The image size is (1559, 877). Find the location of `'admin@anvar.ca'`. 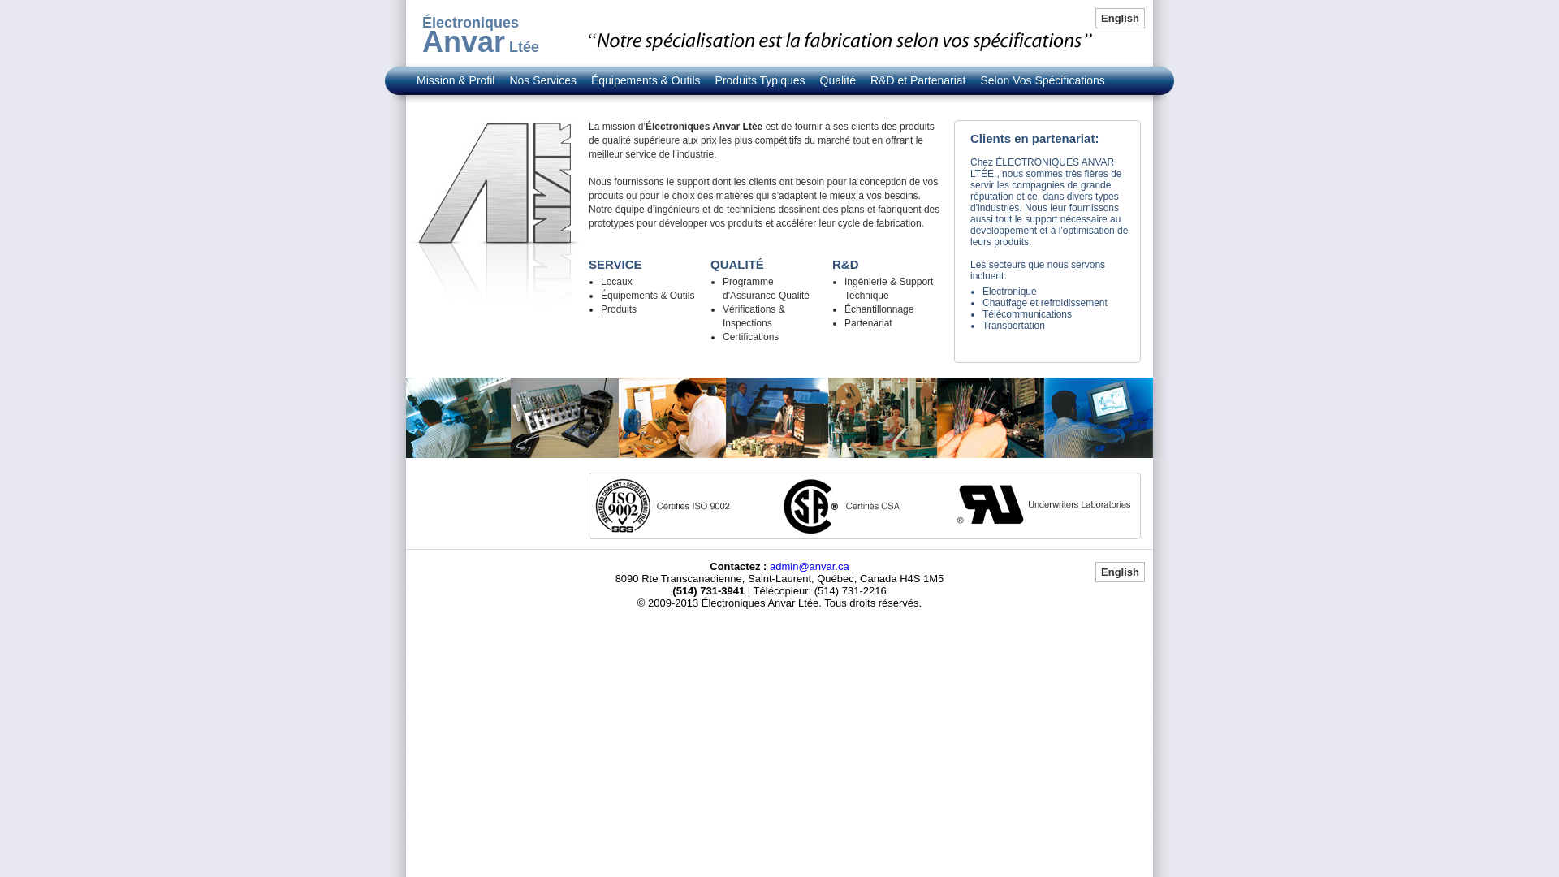

'admin@anvar.ca' is located at coordinates (810, 565).